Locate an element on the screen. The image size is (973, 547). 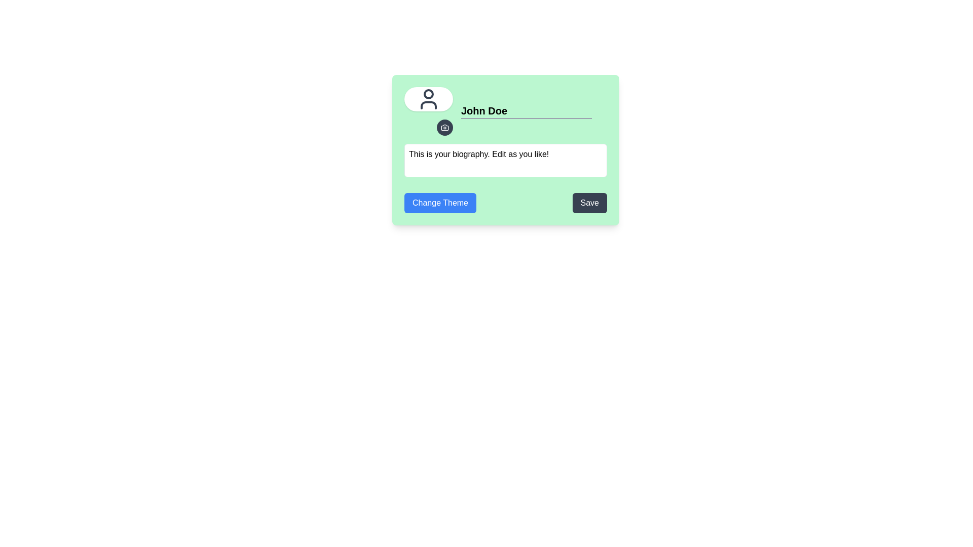
the Profile Header Section containing the user profile icon and the name 'John Doe' is located at coordinates (506, 111).